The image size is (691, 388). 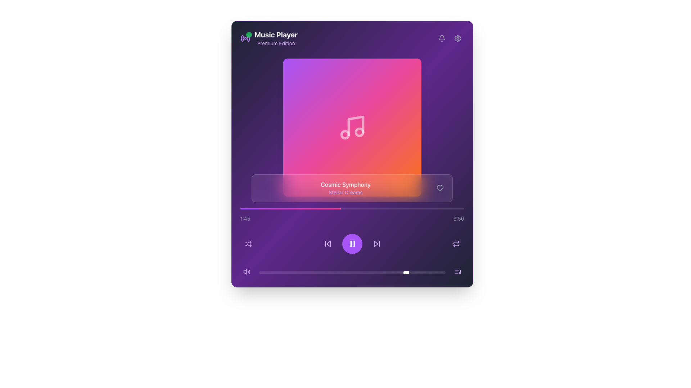 What do you see at coordinates (248, 243) in the screenshot?
I see `the shuffle action button, which is a purple icon with two crossing arrows located in the bottom-left region of the interface` at bounding box center [248, 243].